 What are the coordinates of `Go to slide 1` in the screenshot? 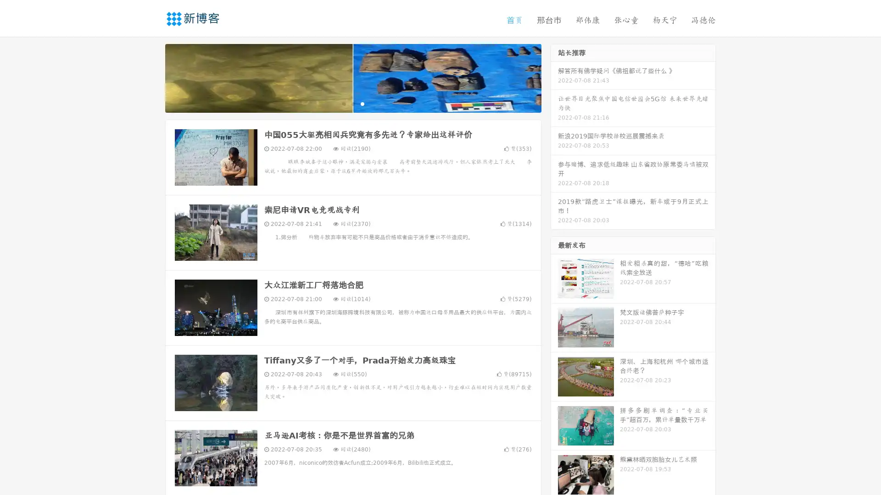 It's located at (343, 103).